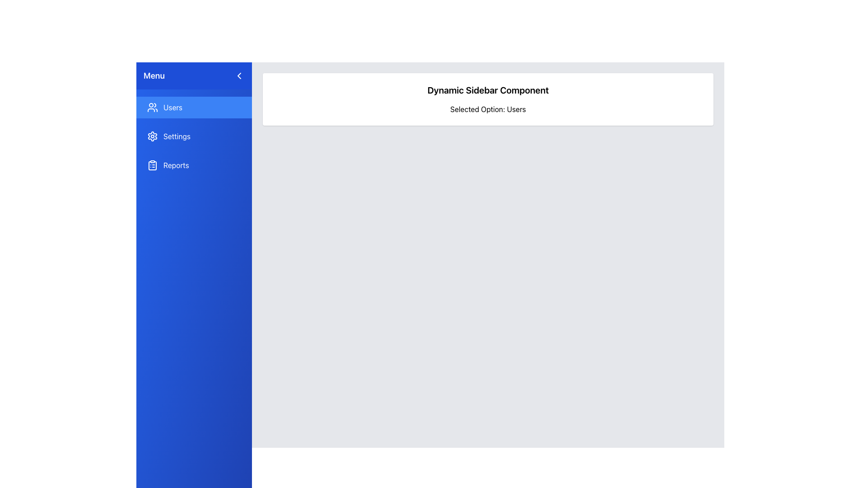  What do you see at coordinates (239, 75) in the screenshot?
I see `the small chevron button pointing to the left, located in the top-right corner of the navigation bar` at bounding box center [239, 75].